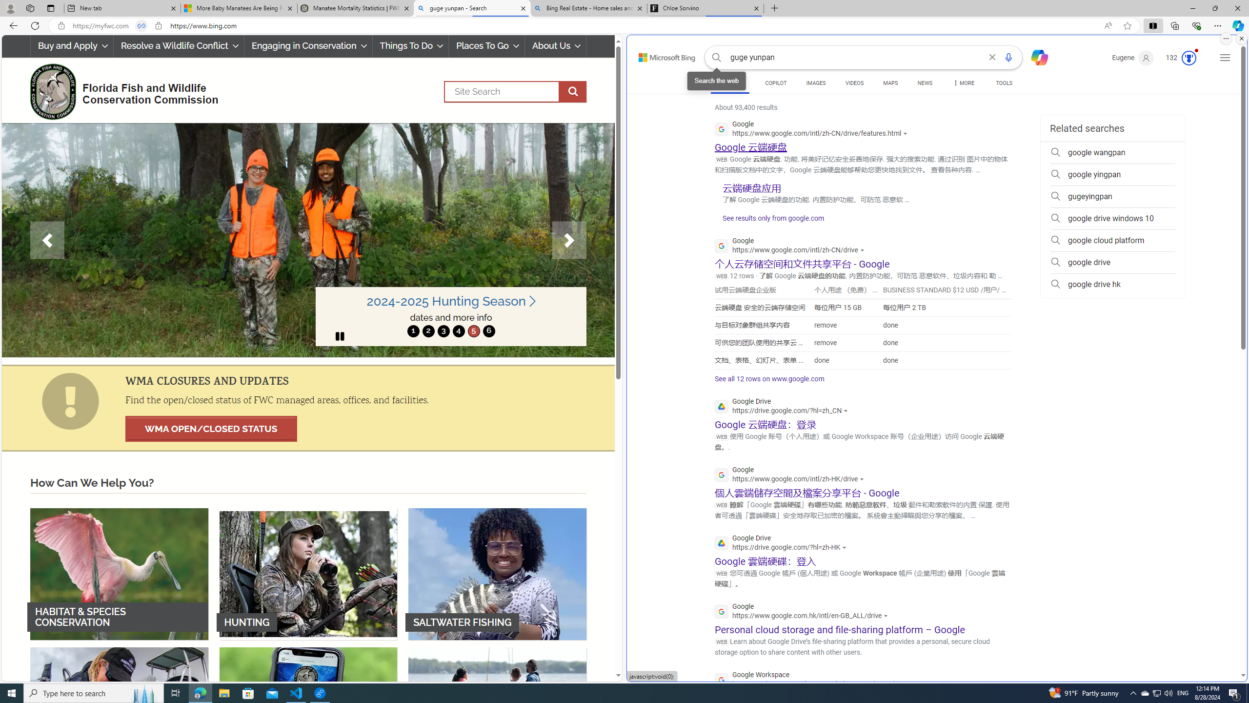  I want to click on '4', so click(458, 331).